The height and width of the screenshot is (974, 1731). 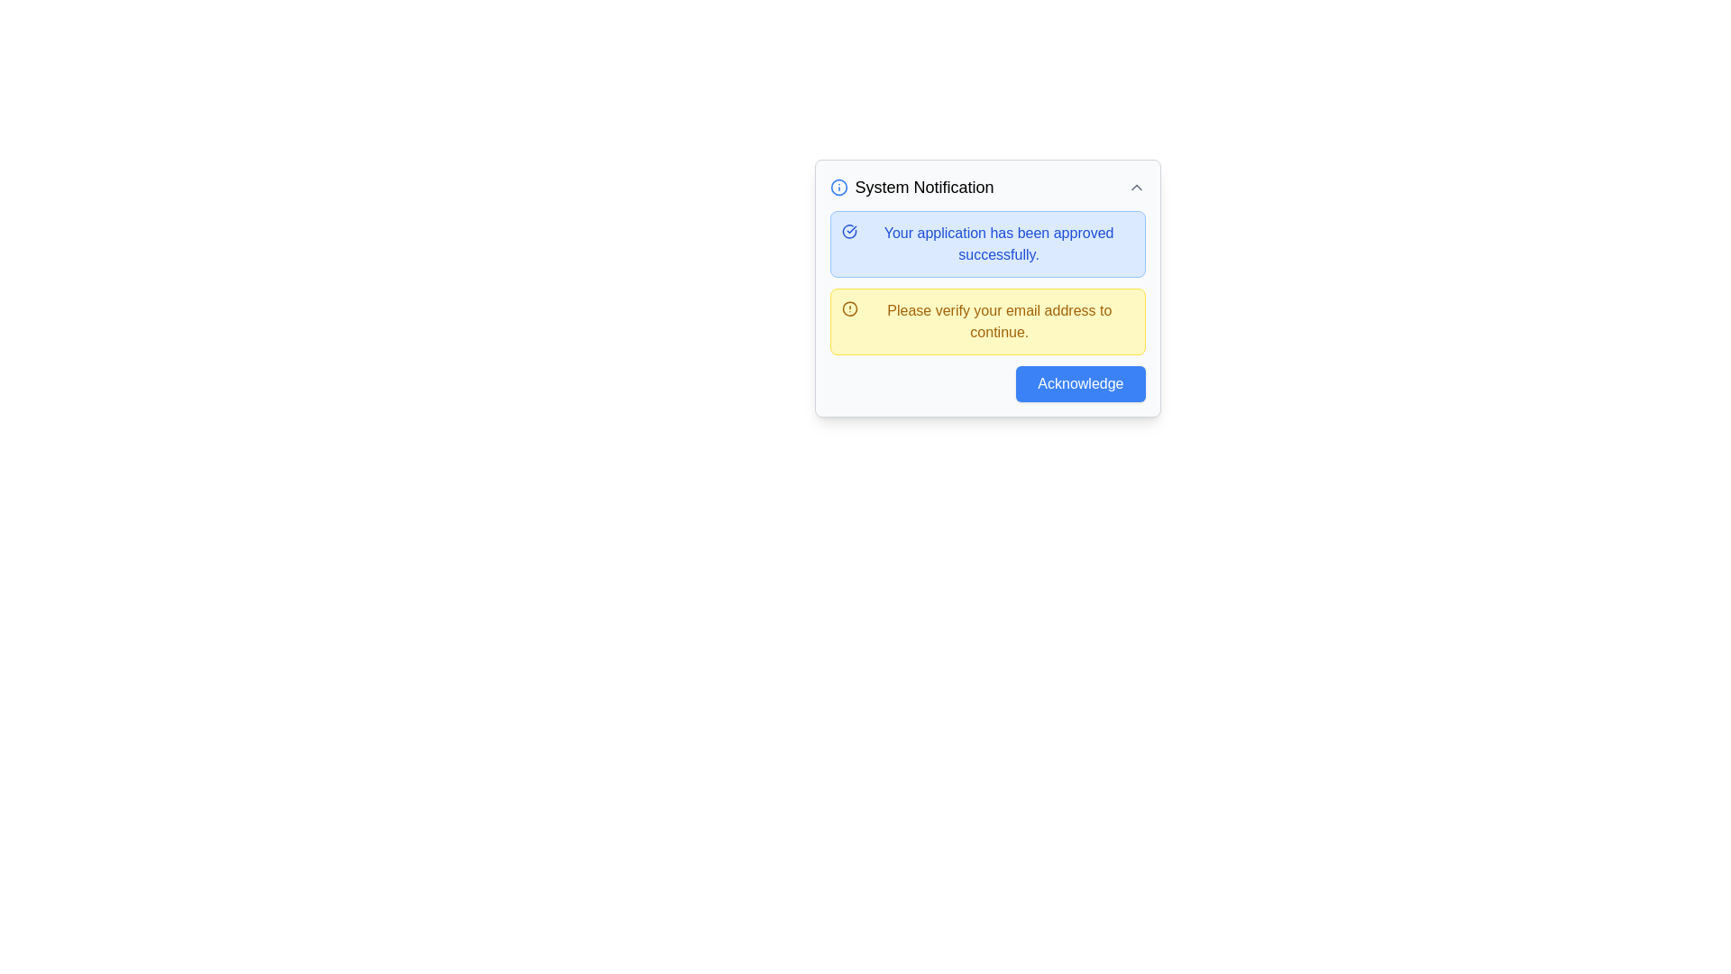 What do you see at coordinates (924, 188) in the screenshot?
I see `the 'System Notification' text label, which is styled with a large font size and medium font weight, located directly to the right of the information icon in the header of the notification box` at bounding box center [924, 188].